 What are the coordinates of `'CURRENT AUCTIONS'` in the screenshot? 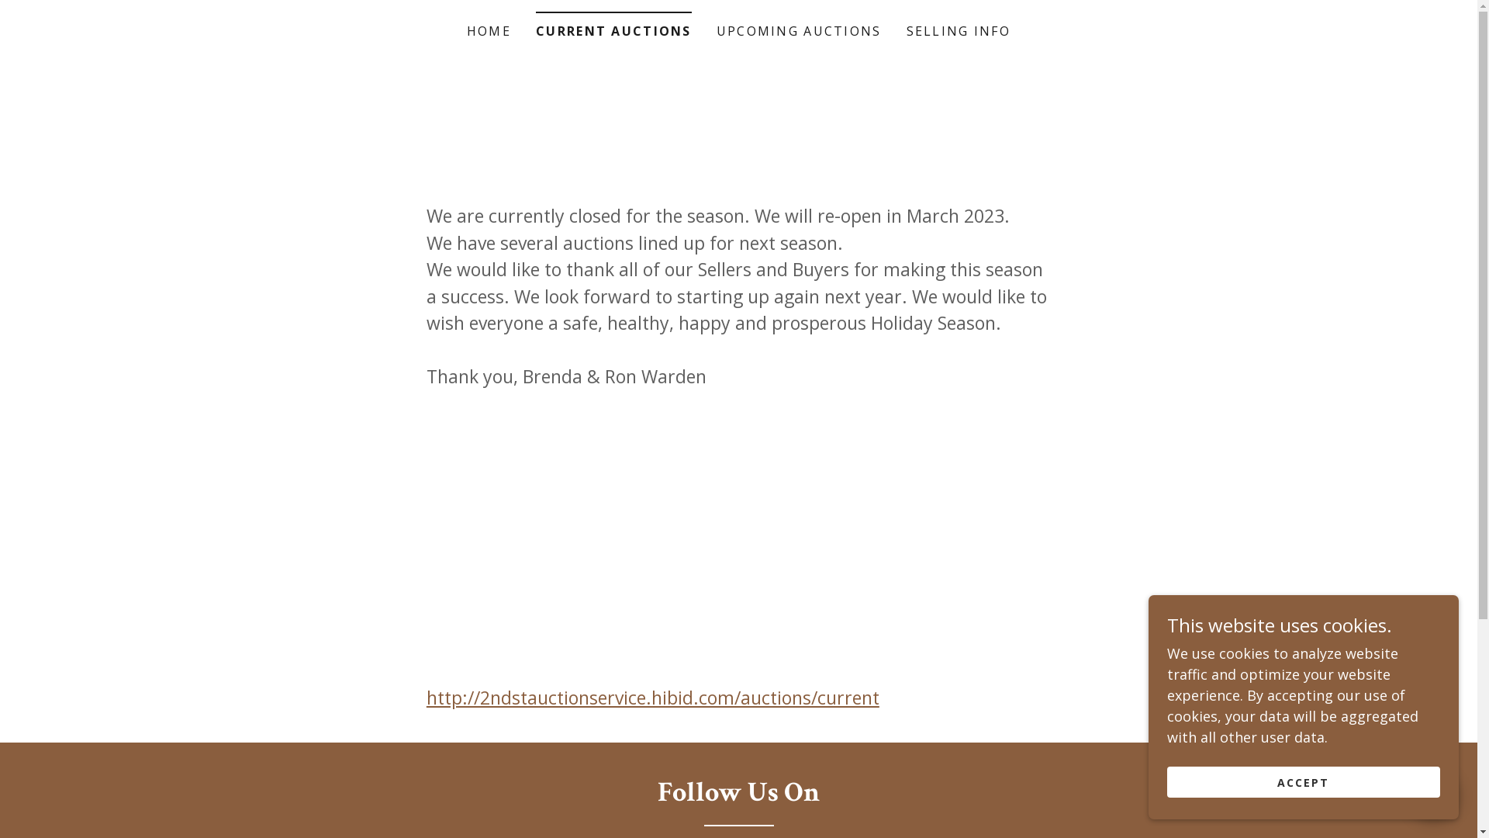 It's located at (613, 26).